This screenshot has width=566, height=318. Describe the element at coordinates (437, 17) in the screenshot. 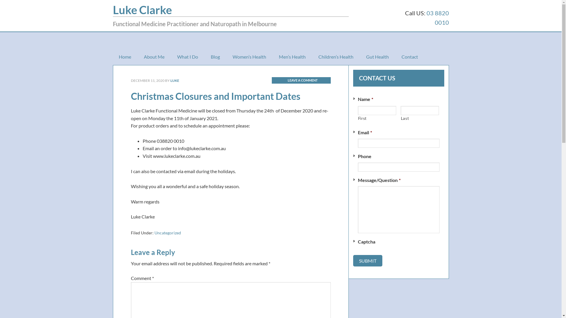

I see `'03 8820 0010'` at that location.